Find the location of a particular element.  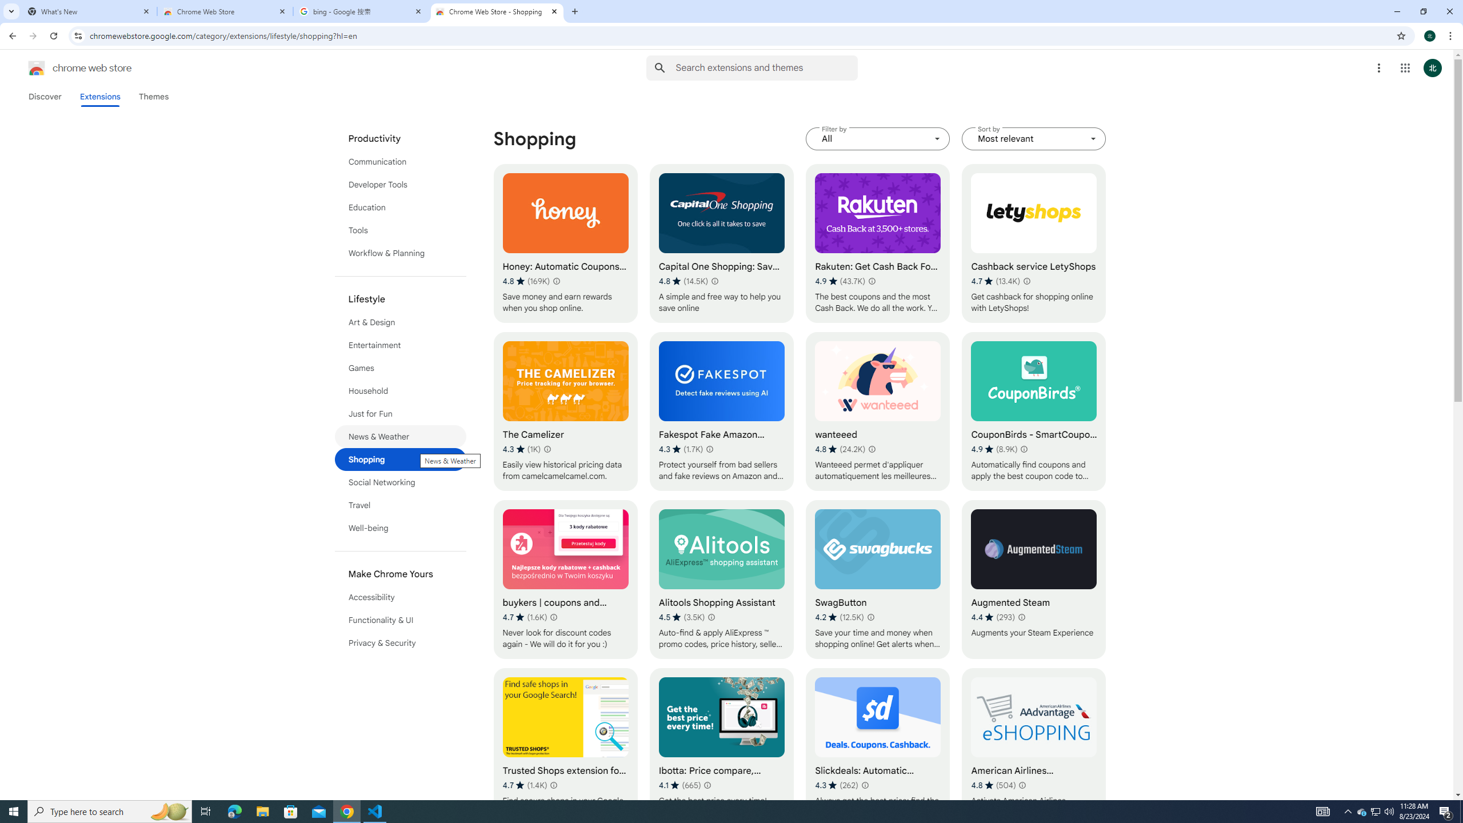

'Trusted Shops extension for Google Chrome' is located at coordinates (565, 747).